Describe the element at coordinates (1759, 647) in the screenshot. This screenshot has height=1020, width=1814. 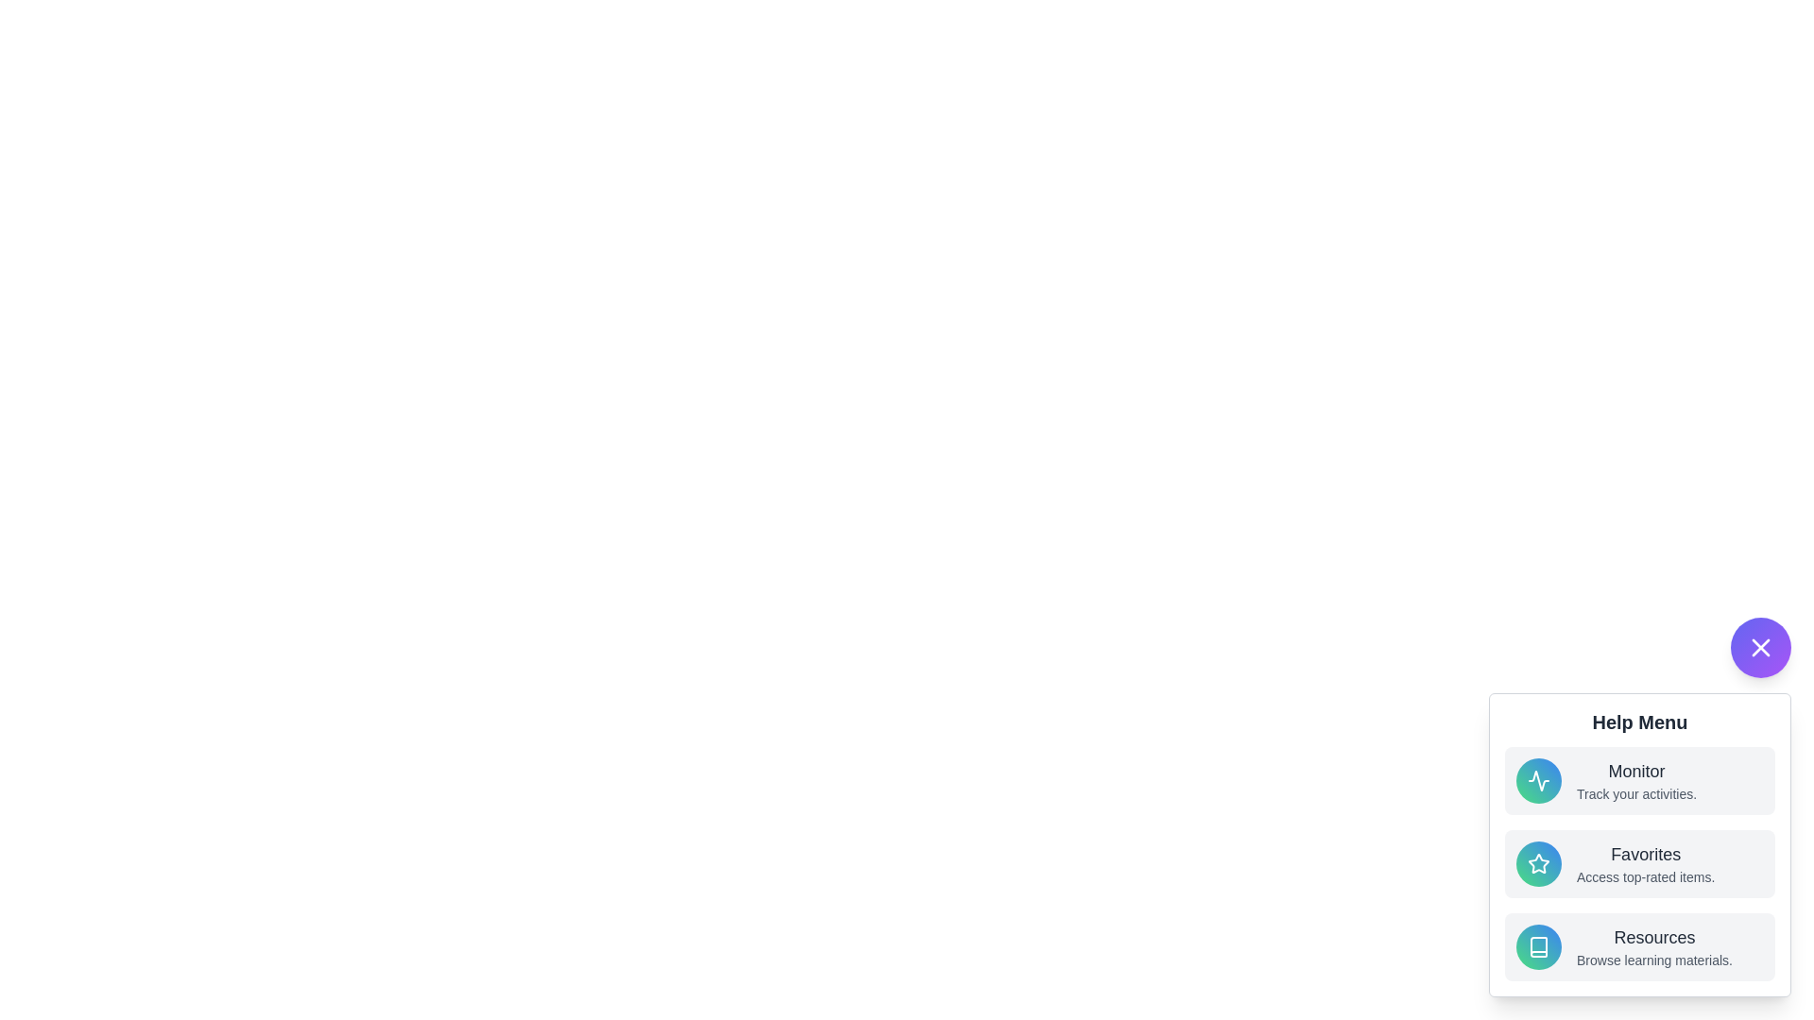
I see `the floating action button to toggle the visibility of the help menu` at that location.